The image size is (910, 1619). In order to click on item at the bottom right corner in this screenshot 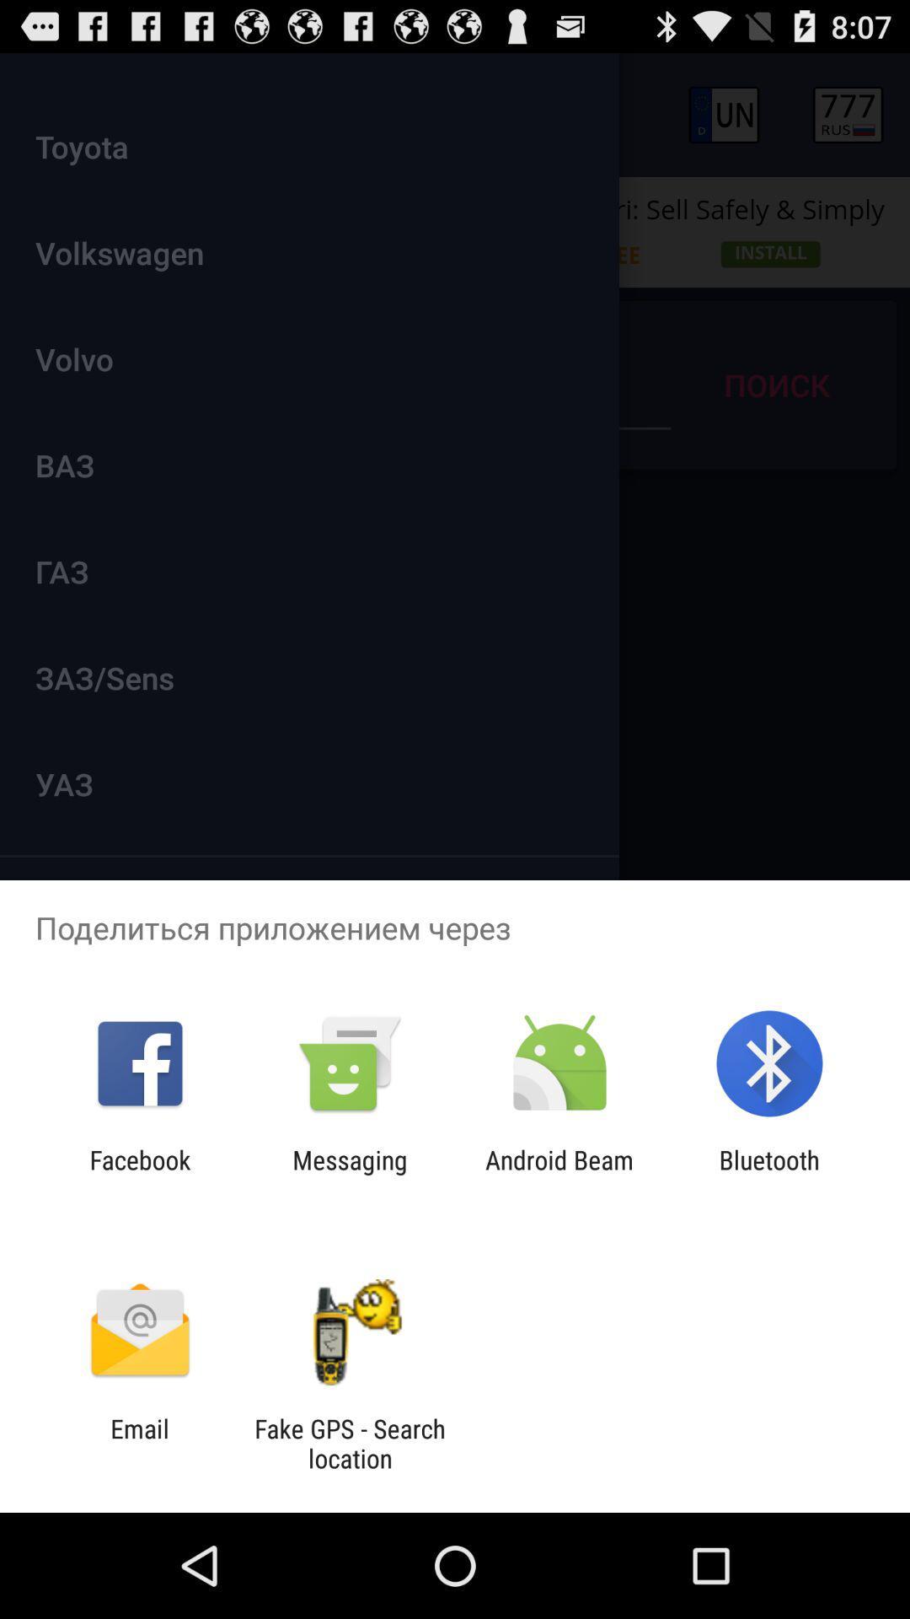, I will do `click(769, 1174)`.